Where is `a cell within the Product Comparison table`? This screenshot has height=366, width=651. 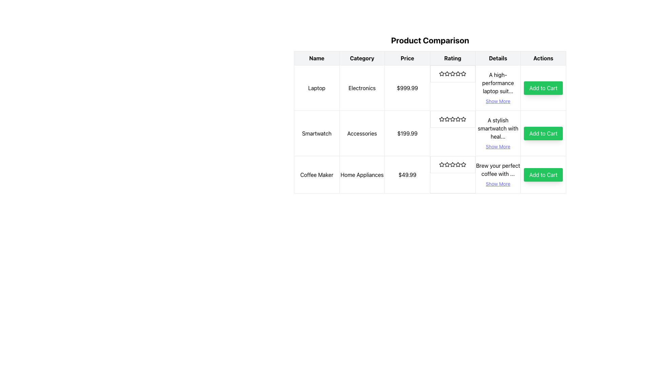 a cell within the Product Comparison table is located at coordinates (430, 122).